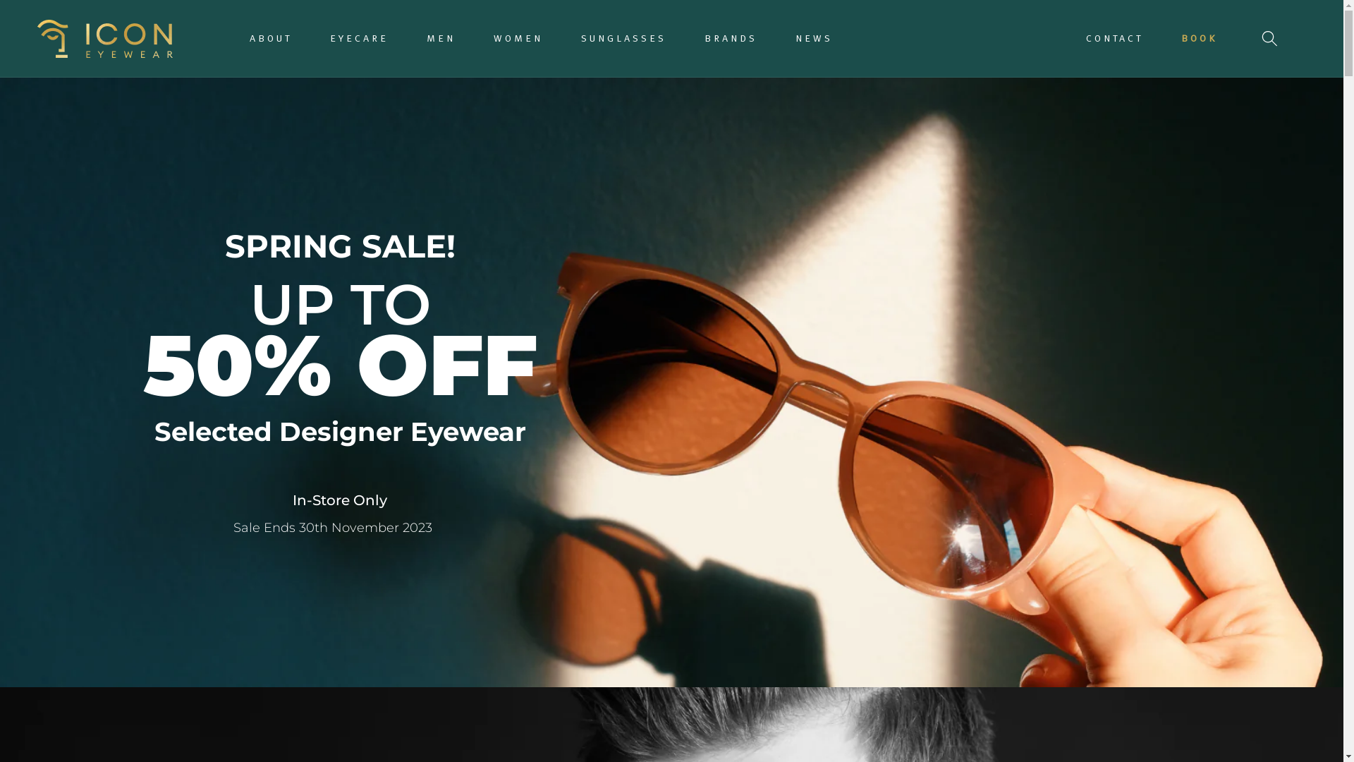 This screenshot has width=1354, height=762. What do you see at coordinates (440, 37) in the screenshot?
I see `'MEN'` at bounding box center [440, 37].